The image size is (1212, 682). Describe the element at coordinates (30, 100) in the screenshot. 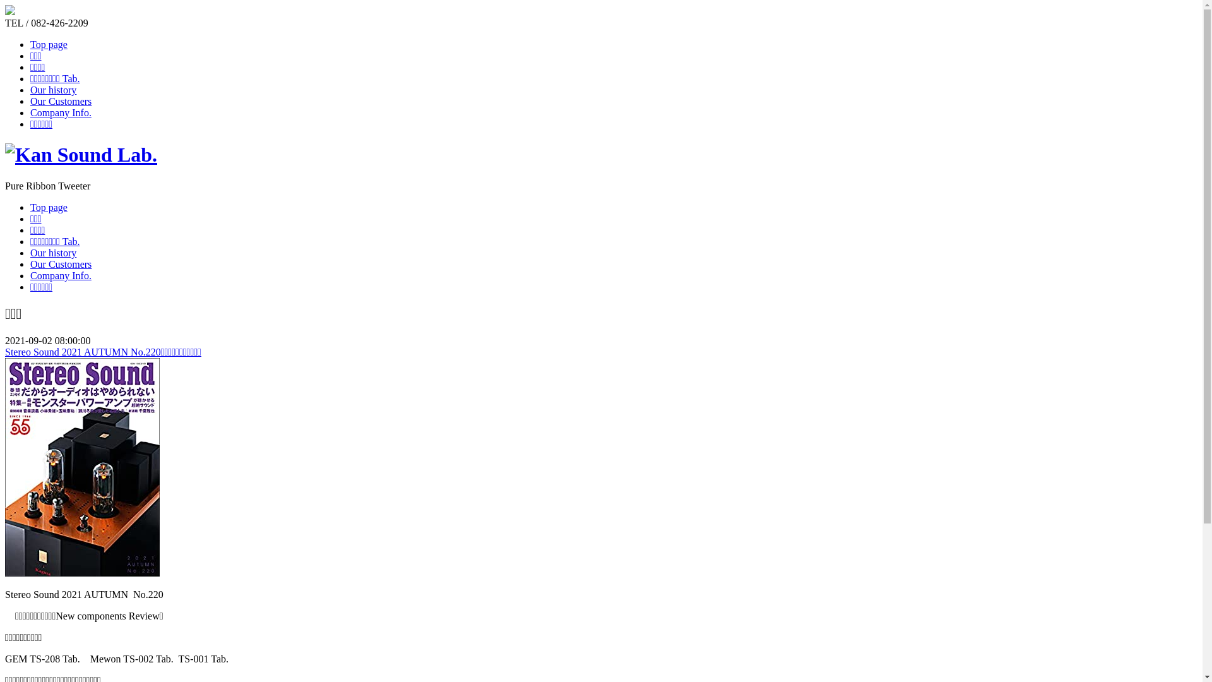

I see `'Our Customers'` at that location.